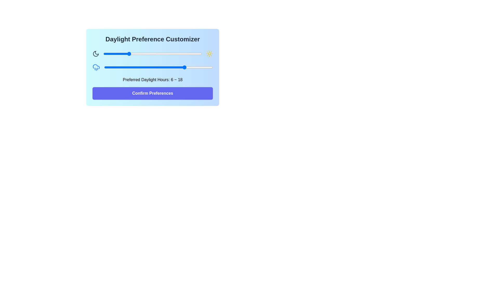  What do you see at coordinates (152, 93) in the screenshot?
I see `the confirm button located at the bottom center of the 'Daylight Preference Customizer', which allows users to submit their preferences for daylight hours` at bounding box center [152, 93].